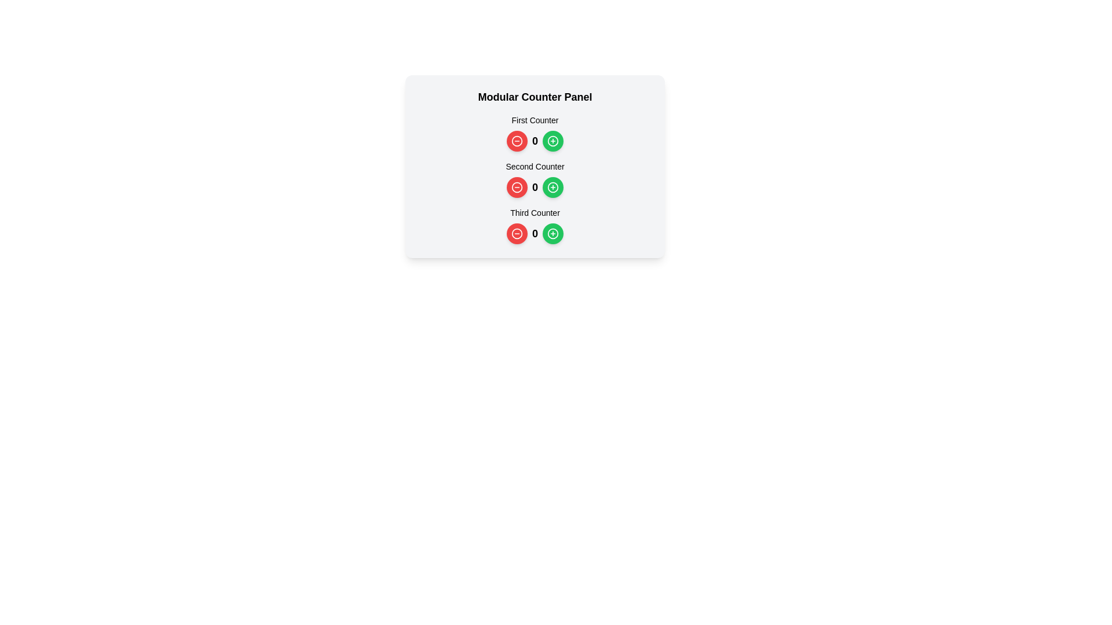 The image size is (1112, 625). Describe the element at coordinates (516, 140) in the screenshot. I see `the first button in the first row of the counter panel to decrease the counter value` at that location.